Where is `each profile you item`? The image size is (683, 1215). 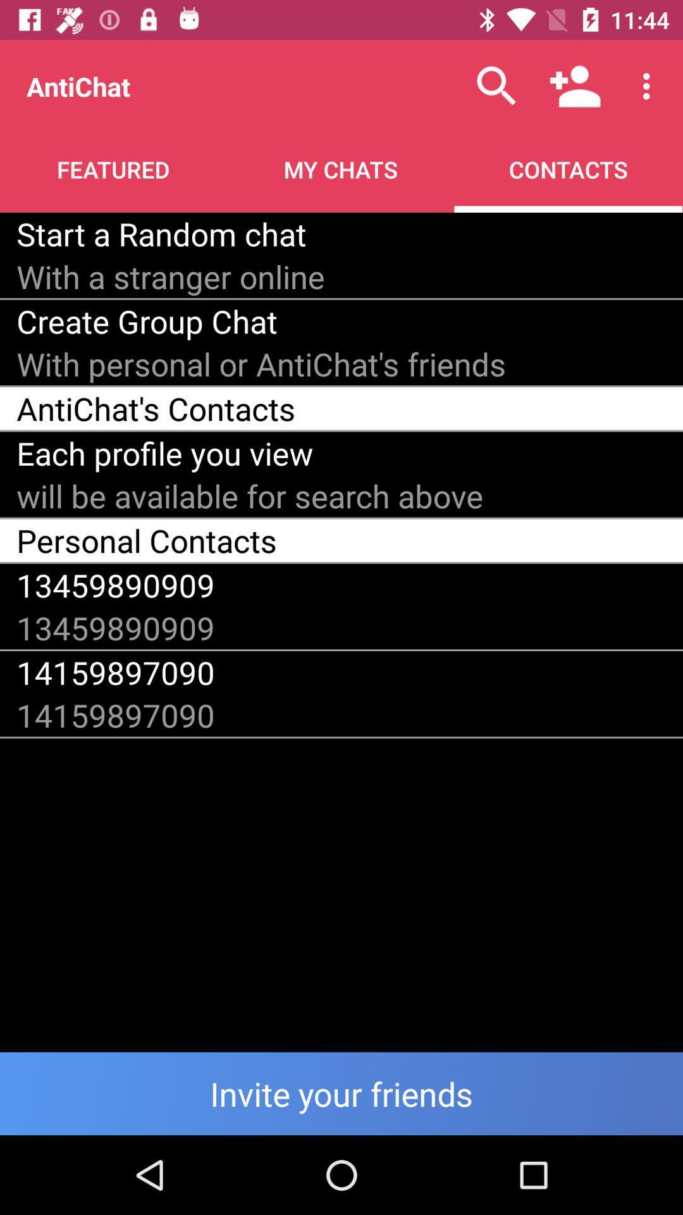
each profile you item is located at coordinates (164, 453).